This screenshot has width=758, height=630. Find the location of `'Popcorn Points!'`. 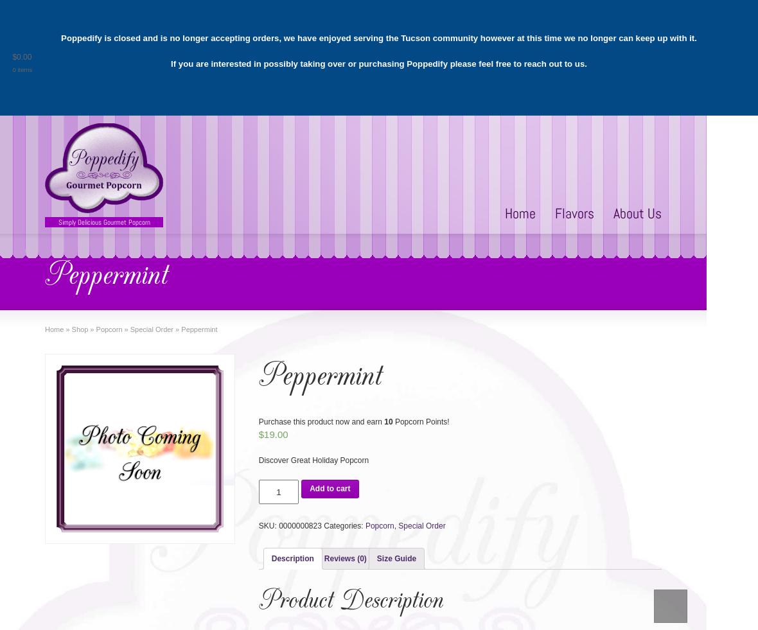

'Popcorn Points!' is located at coordinates (420, 421).